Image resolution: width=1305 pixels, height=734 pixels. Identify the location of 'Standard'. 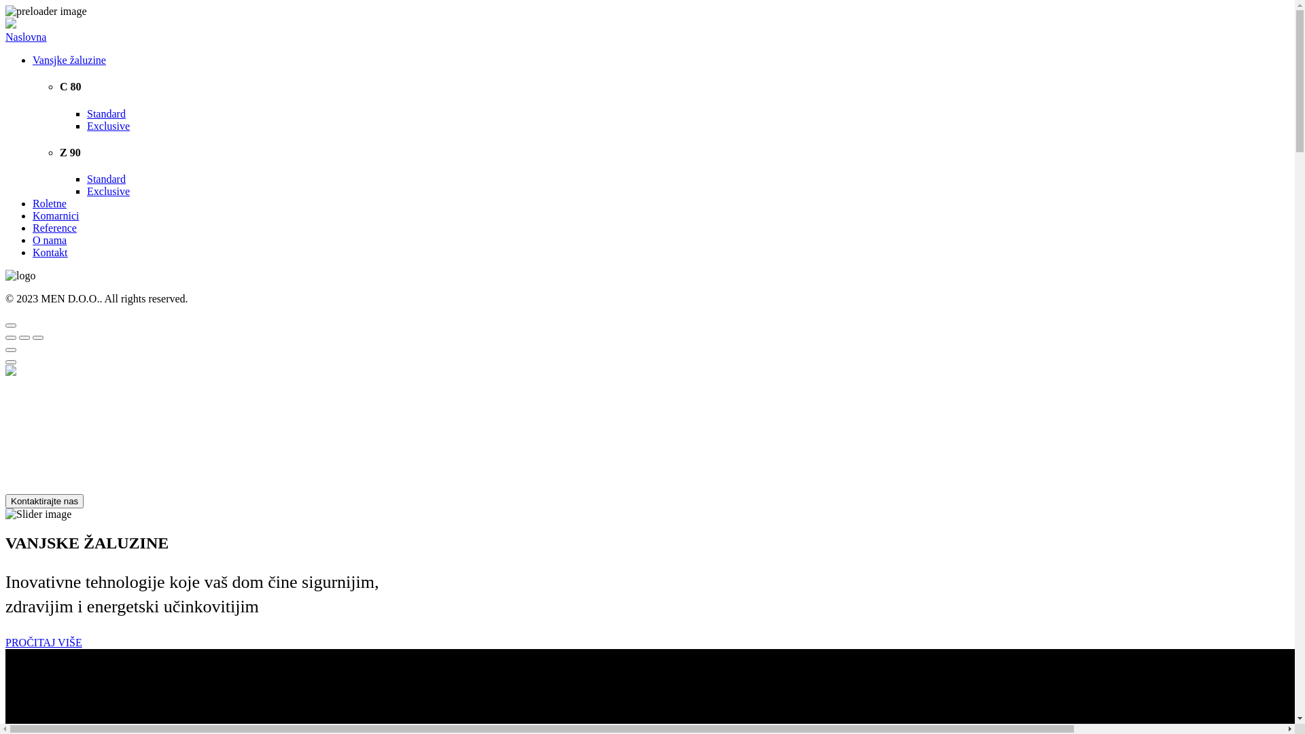
(86, 113).